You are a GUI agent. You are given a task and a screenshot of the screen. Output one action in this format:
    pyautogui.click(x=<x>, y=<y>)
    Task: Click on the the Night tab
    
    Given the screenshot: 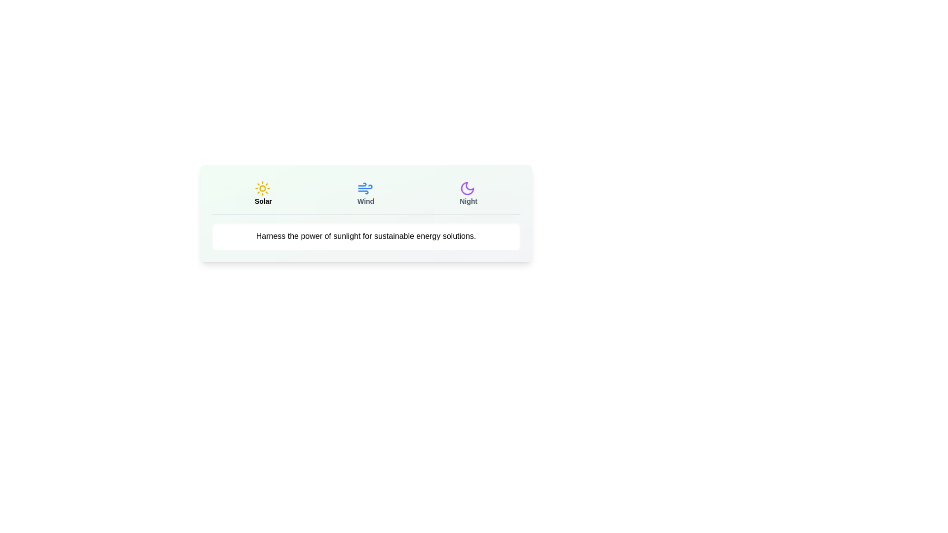 What is the action you would take?
    pyautogui.click(x=468, y=193)
    